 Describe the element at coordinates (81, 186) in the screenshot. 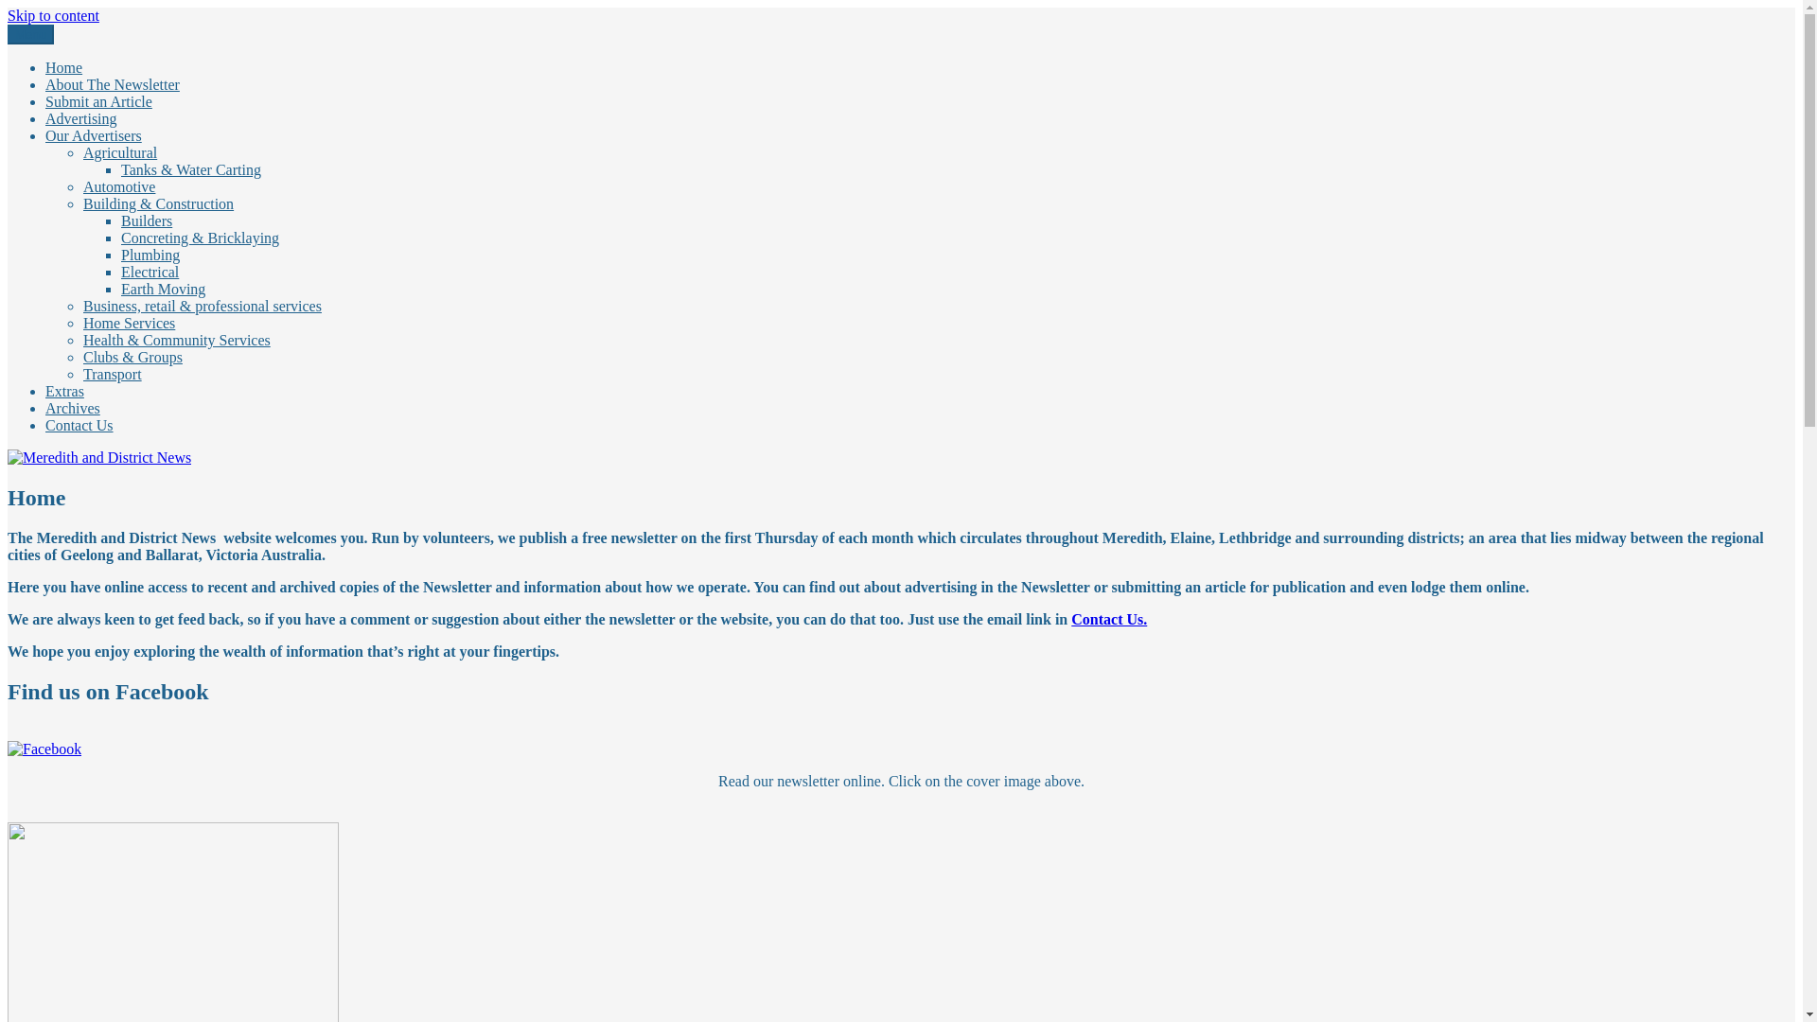

I see `'Automotive'` at that location.